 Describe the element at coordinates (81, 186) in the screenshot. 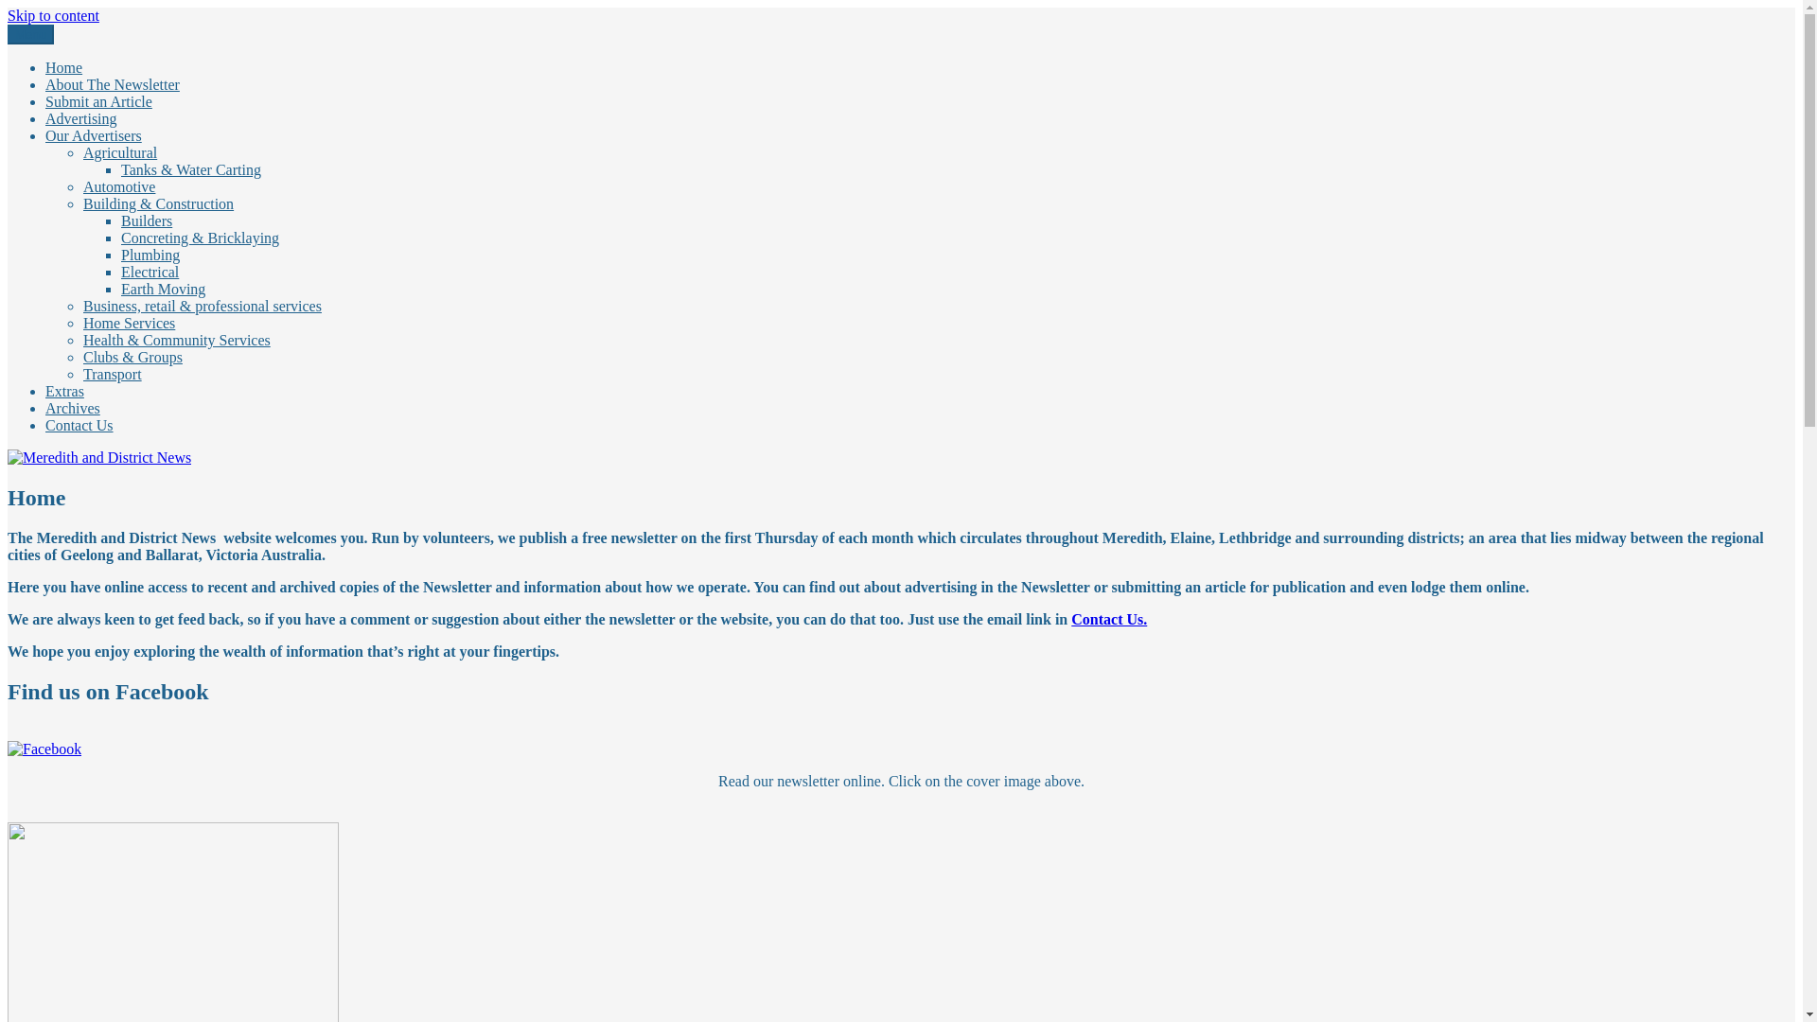

I see `'Automotive'` at that location.